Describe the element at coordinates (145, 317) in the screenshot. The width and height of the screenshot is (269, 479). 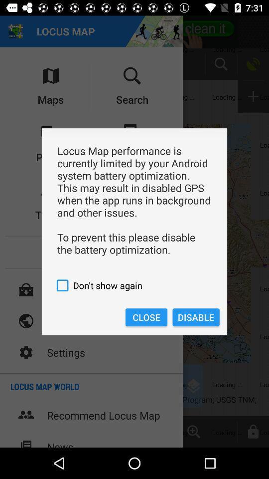
I see `the close item` at that location.